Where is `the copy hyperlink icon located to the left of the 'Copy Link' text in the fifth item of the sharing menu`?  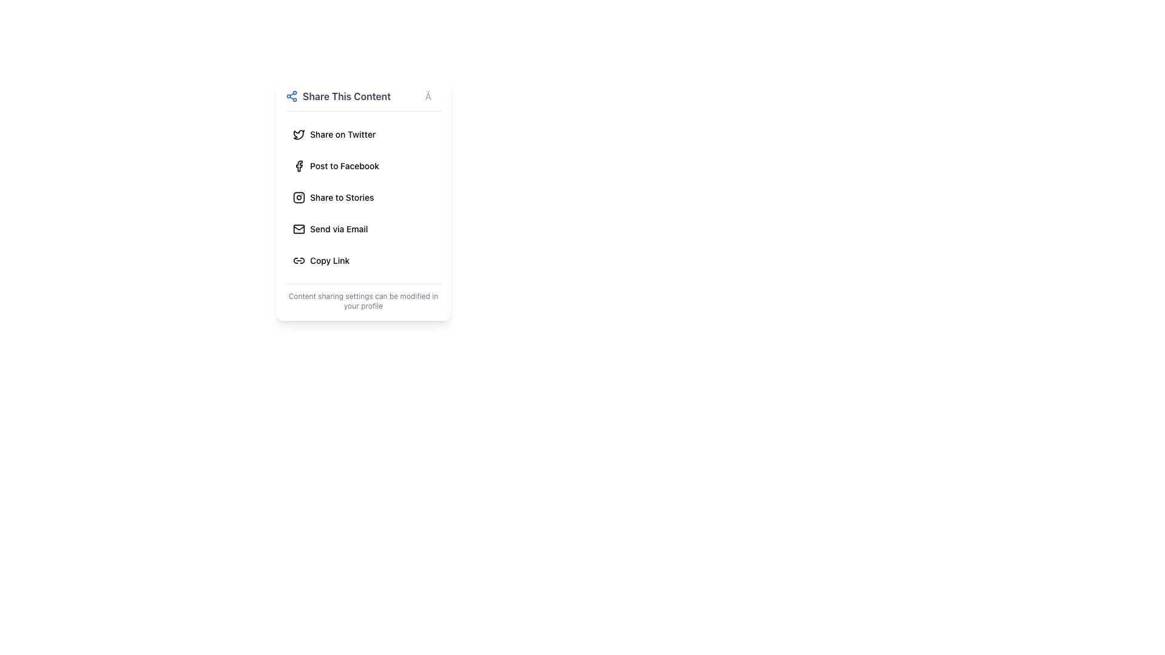
the copy hyperlink icon located to the left of the 'Copy Link' text in the fifth item of the sharing menu is located at coordinates (299, 260).